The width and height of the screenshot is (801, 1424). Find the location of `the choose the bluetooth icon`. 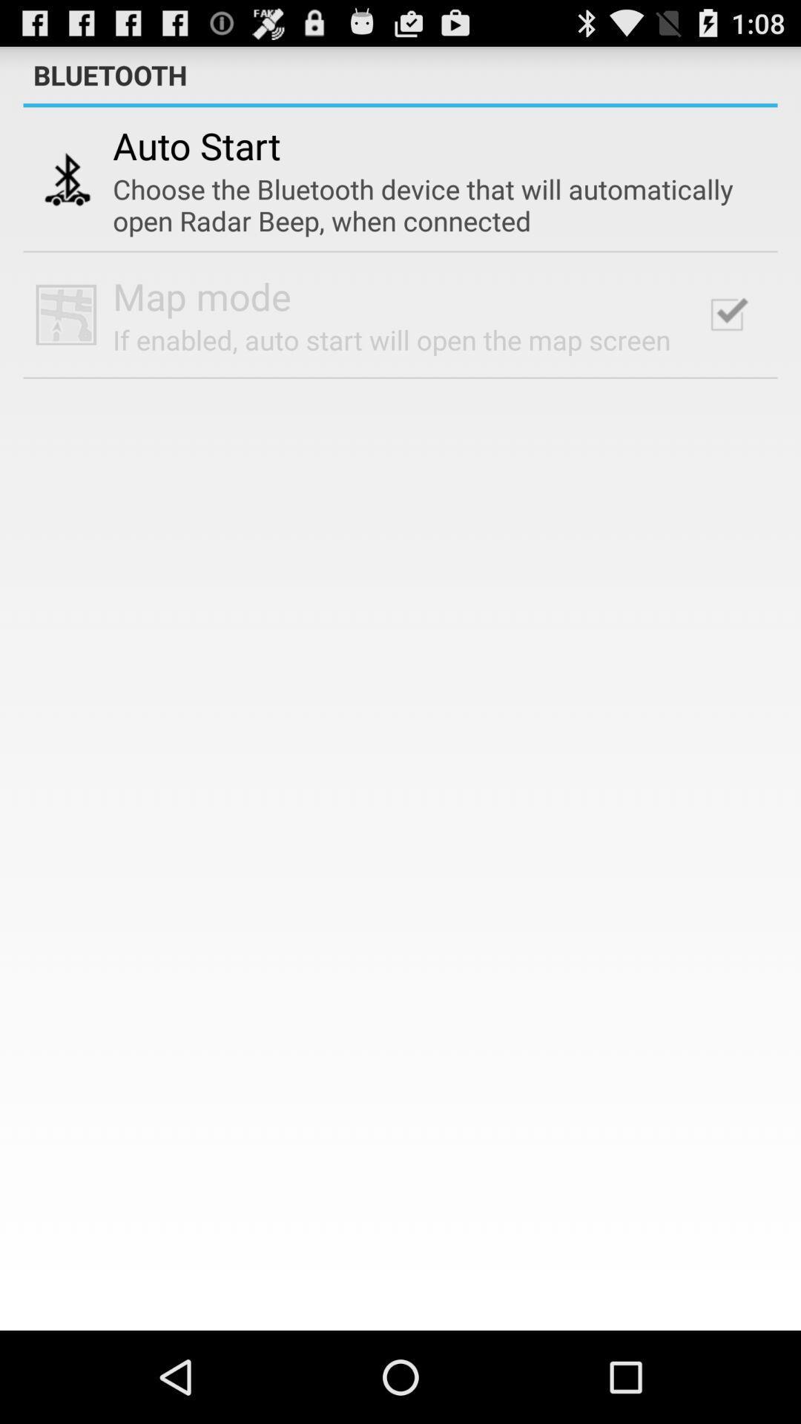

the choose the bluetooth icon is located at coordinates (429, 204).